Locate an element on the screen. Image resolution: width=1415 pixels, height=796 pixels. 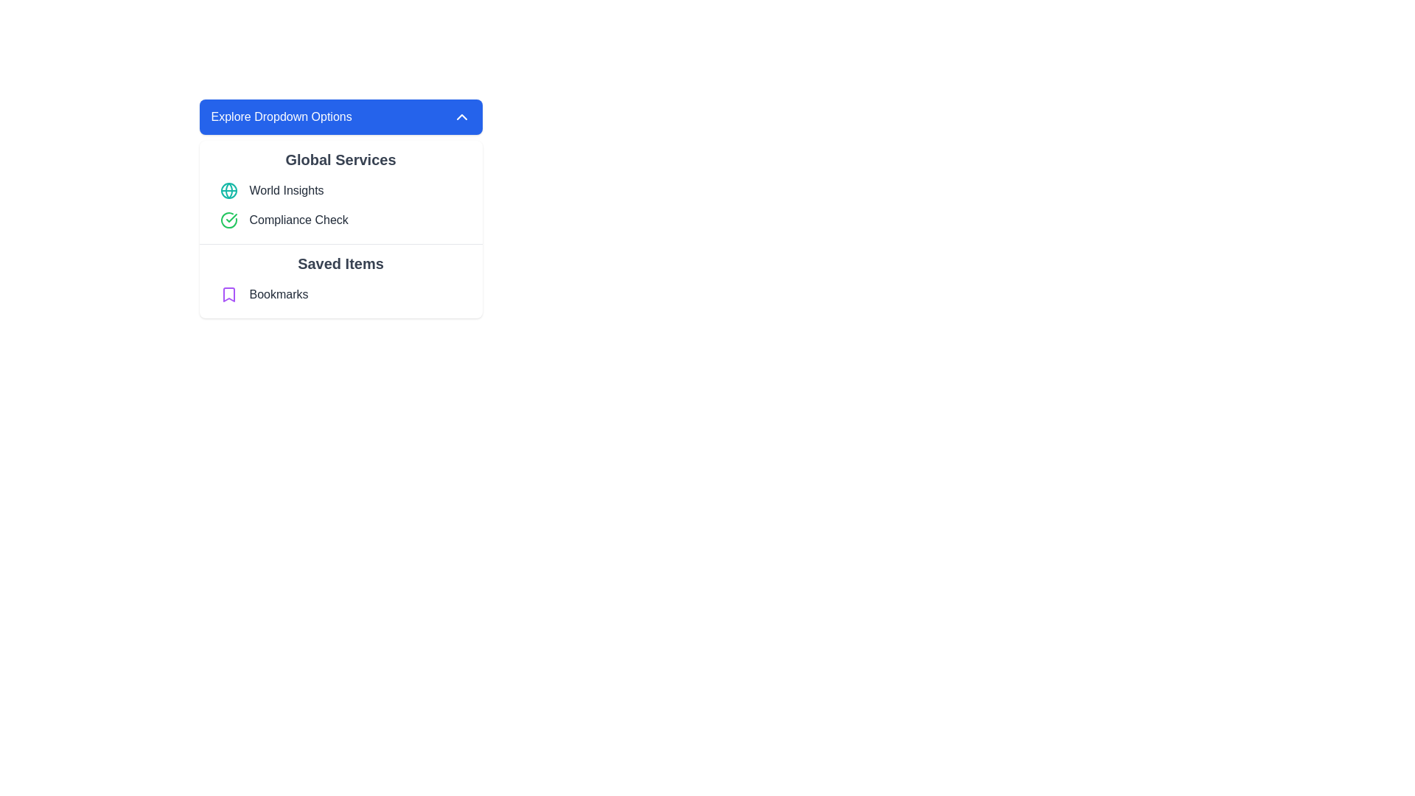
the SVG circle icon representing the globe, which is part of the 'World Insights' option in the 'Global Services' section of the 'Explore Dropdown Options' menu is located at coordinates (228, 189).